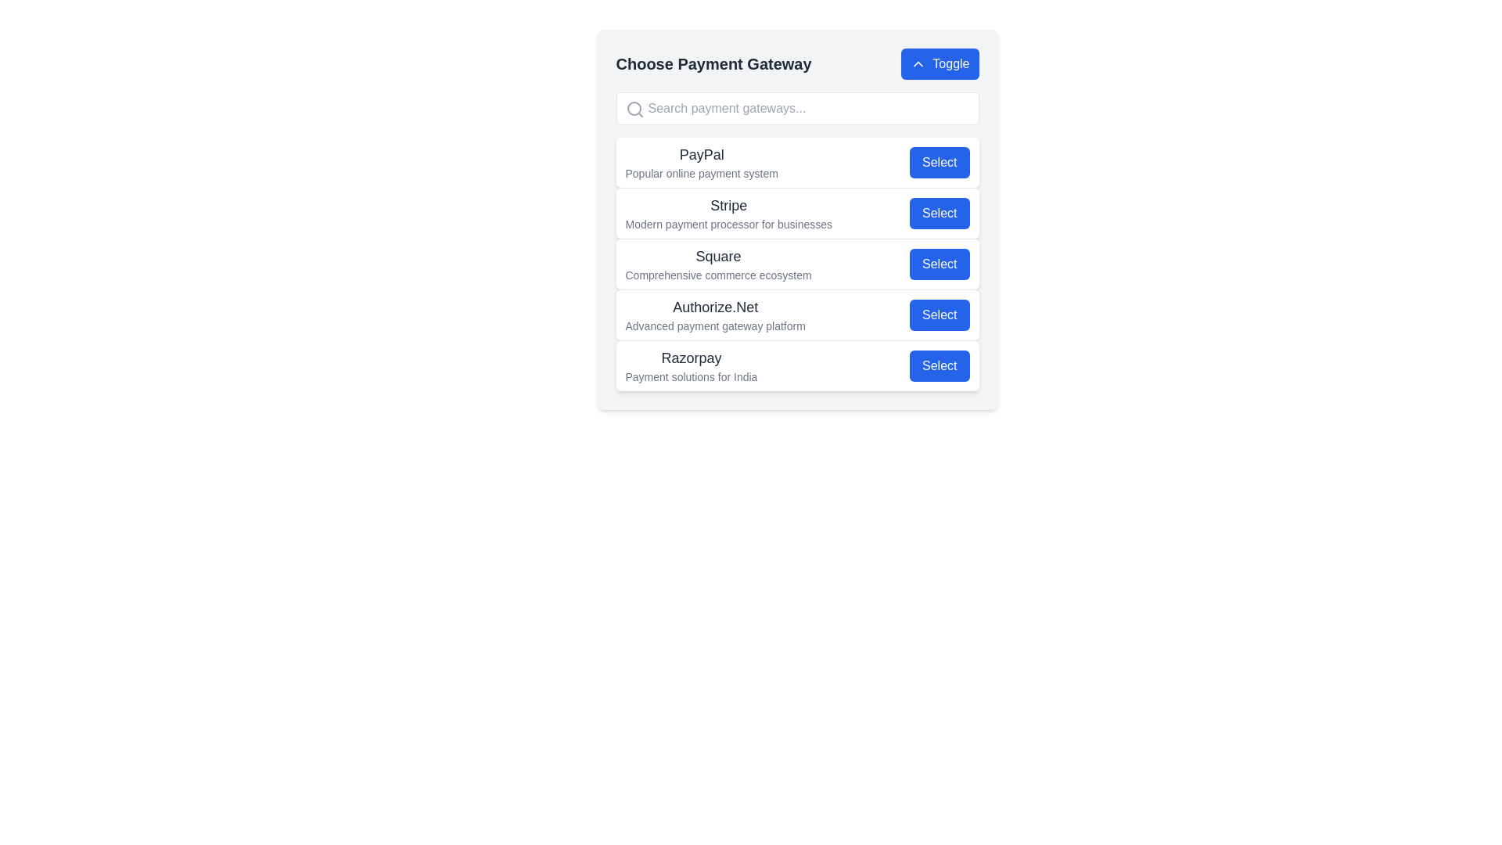  Describe the element at coordinates (939, 315) in the screenshot. I see `the 'Select' button with white text on a blue background, which is the fourth button from the top in a vertical sequence of similar buttons` at that location.